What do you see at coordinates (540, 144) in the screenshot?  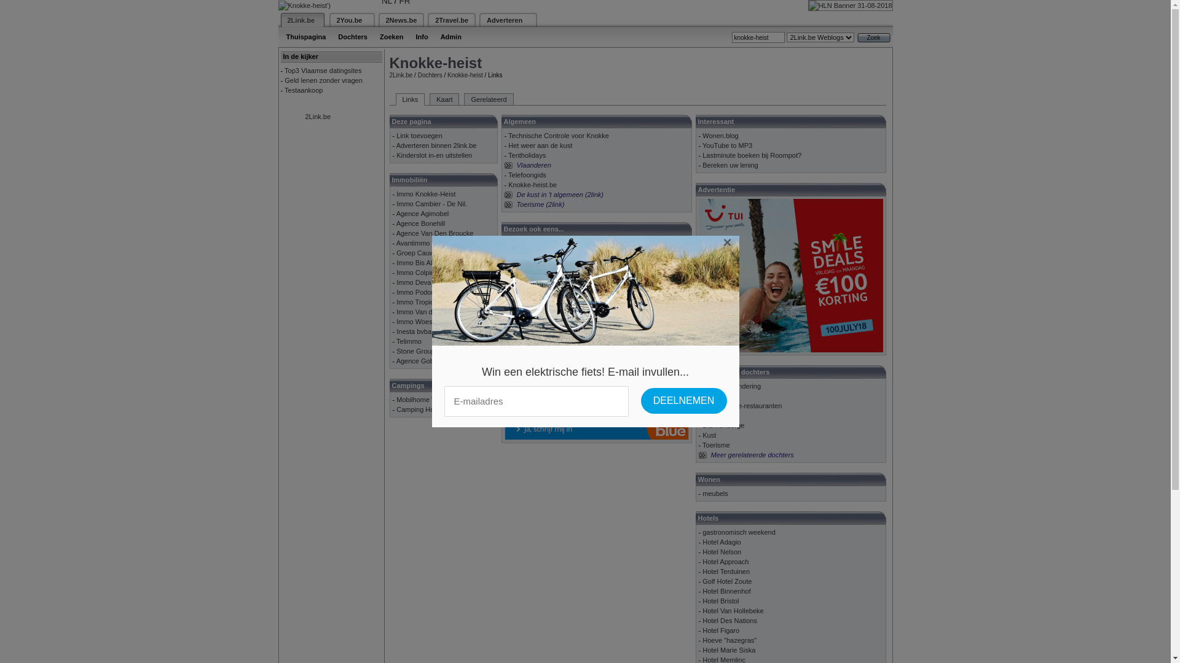 I see `'Het weer aan de kust'` at bounding box center [540, 144].